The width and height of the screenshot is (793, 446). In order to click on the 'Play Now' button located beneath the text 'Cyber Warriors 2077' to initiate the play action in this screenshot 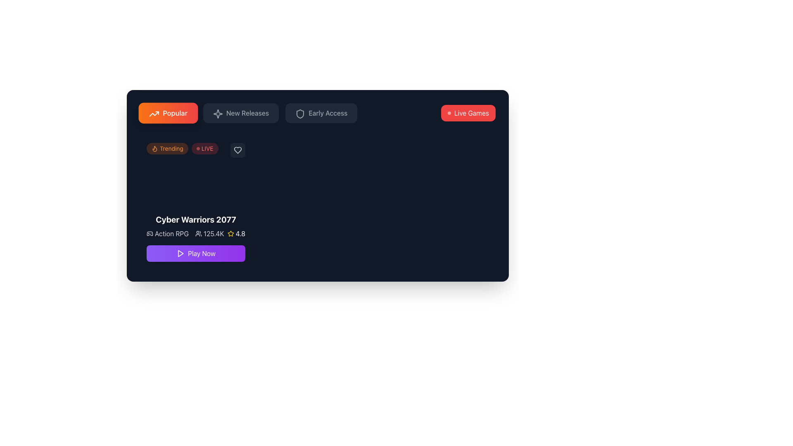, I will do `click(195, 253)`.